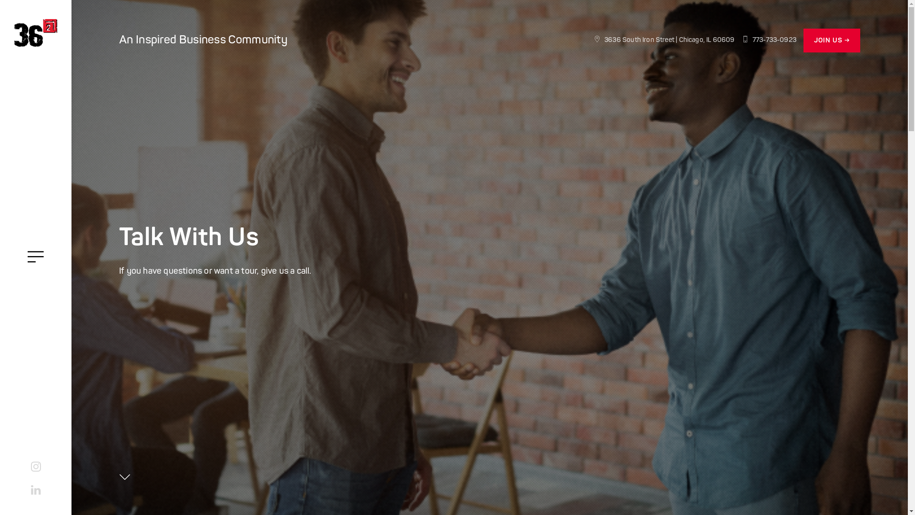  Describe the element at coordinates (769, 40) in the screenshot. I see `'773-733-0923'` at that location.